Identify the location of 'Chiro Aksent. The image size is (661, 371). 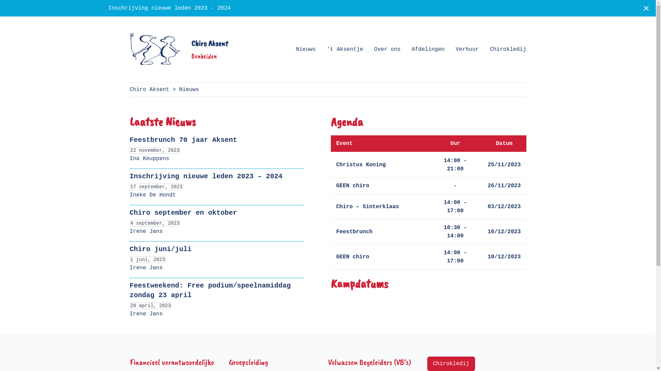
(178, 49).